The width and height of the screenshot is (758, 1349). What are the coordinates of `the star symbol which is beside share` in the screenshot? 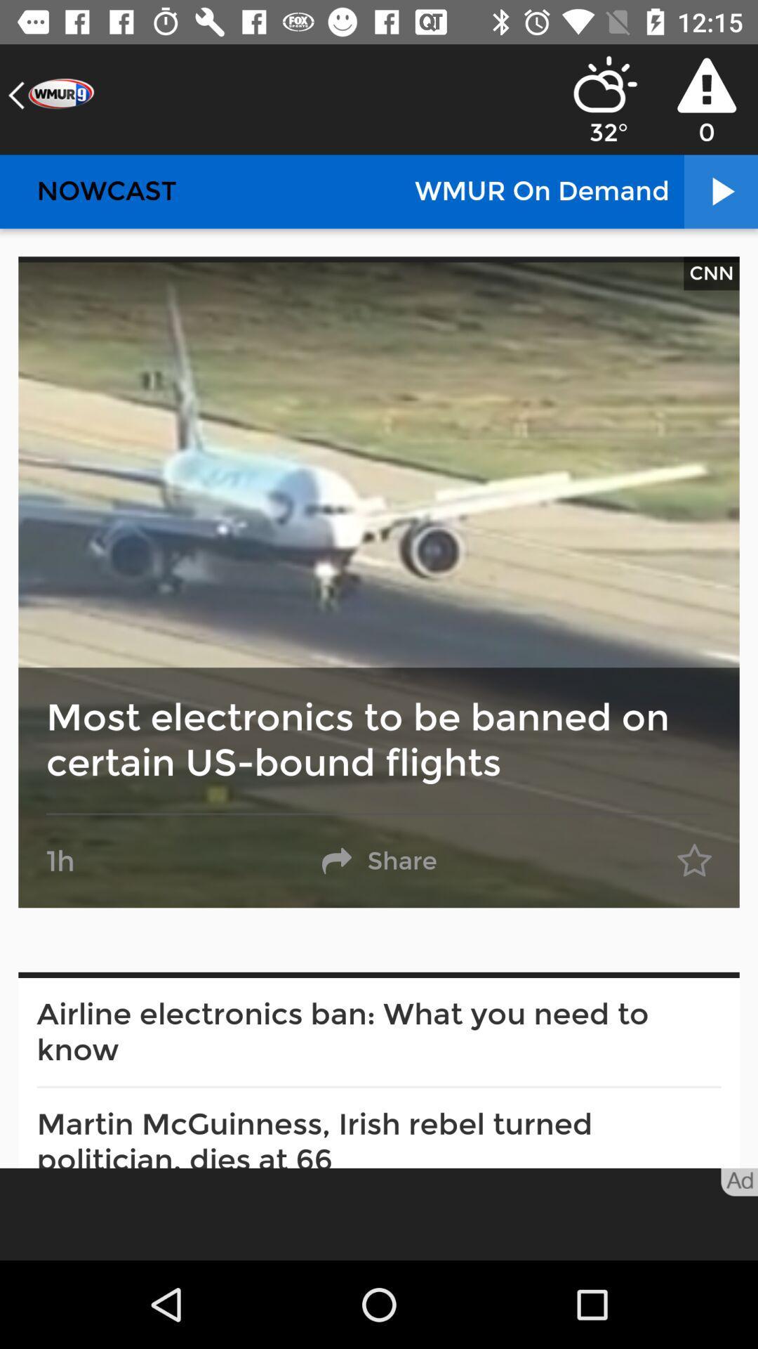 It's located at (695, 860).